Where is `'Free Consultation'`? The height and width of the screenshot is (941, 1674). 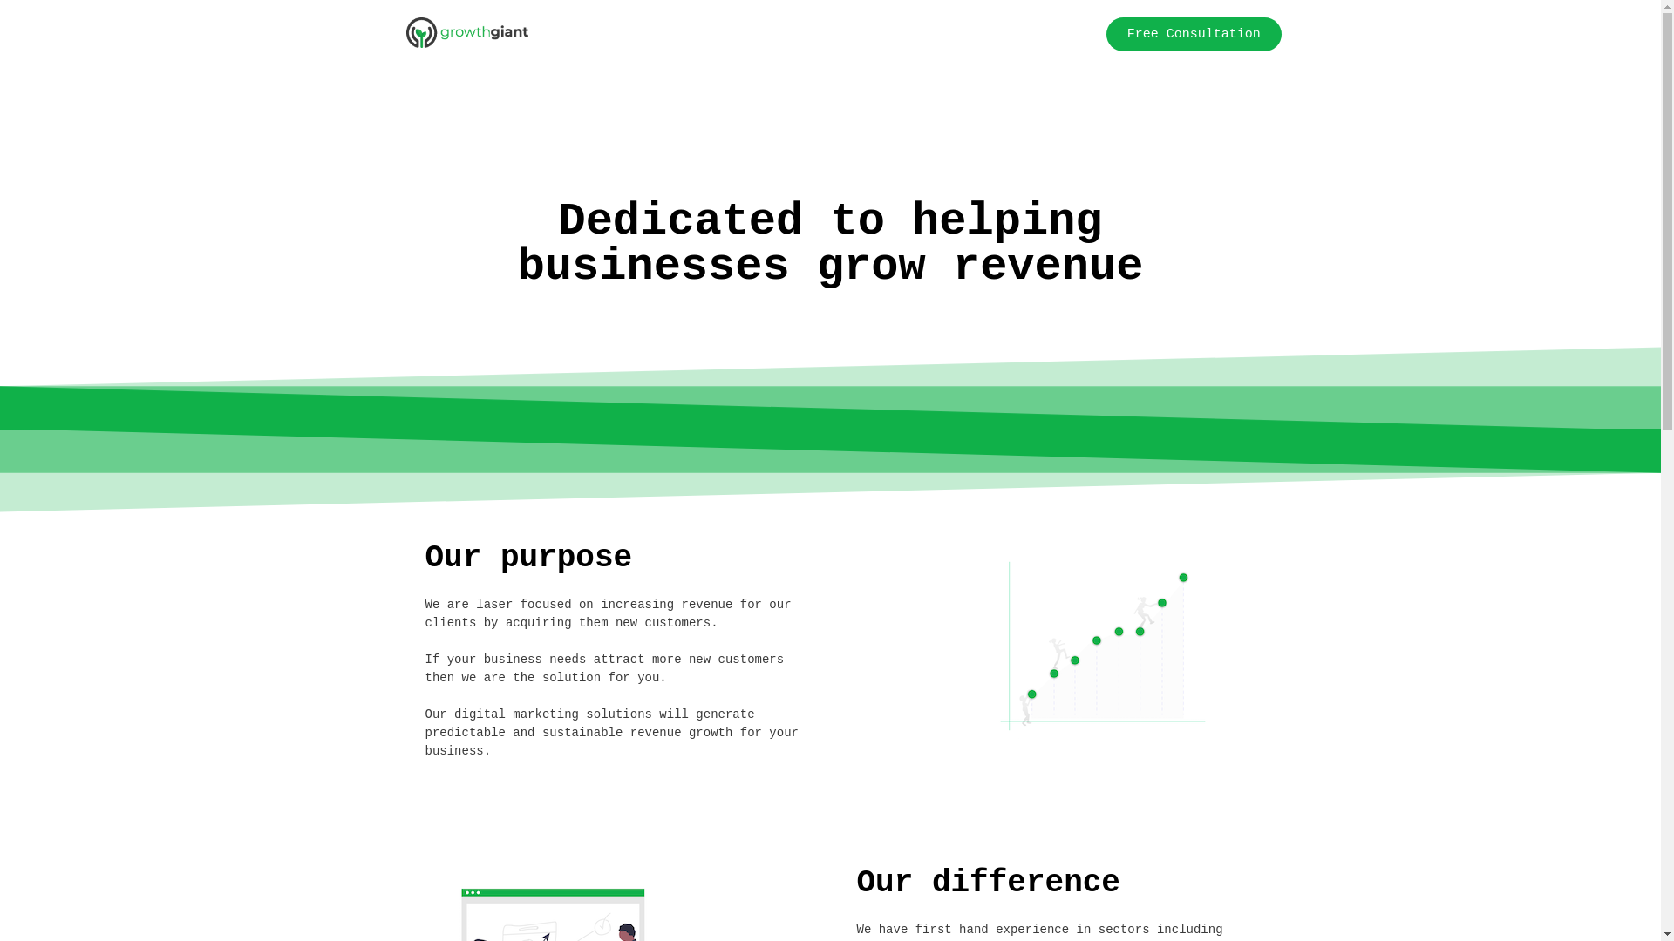
'Free Consultation' is located at coordinates (1193, 34).